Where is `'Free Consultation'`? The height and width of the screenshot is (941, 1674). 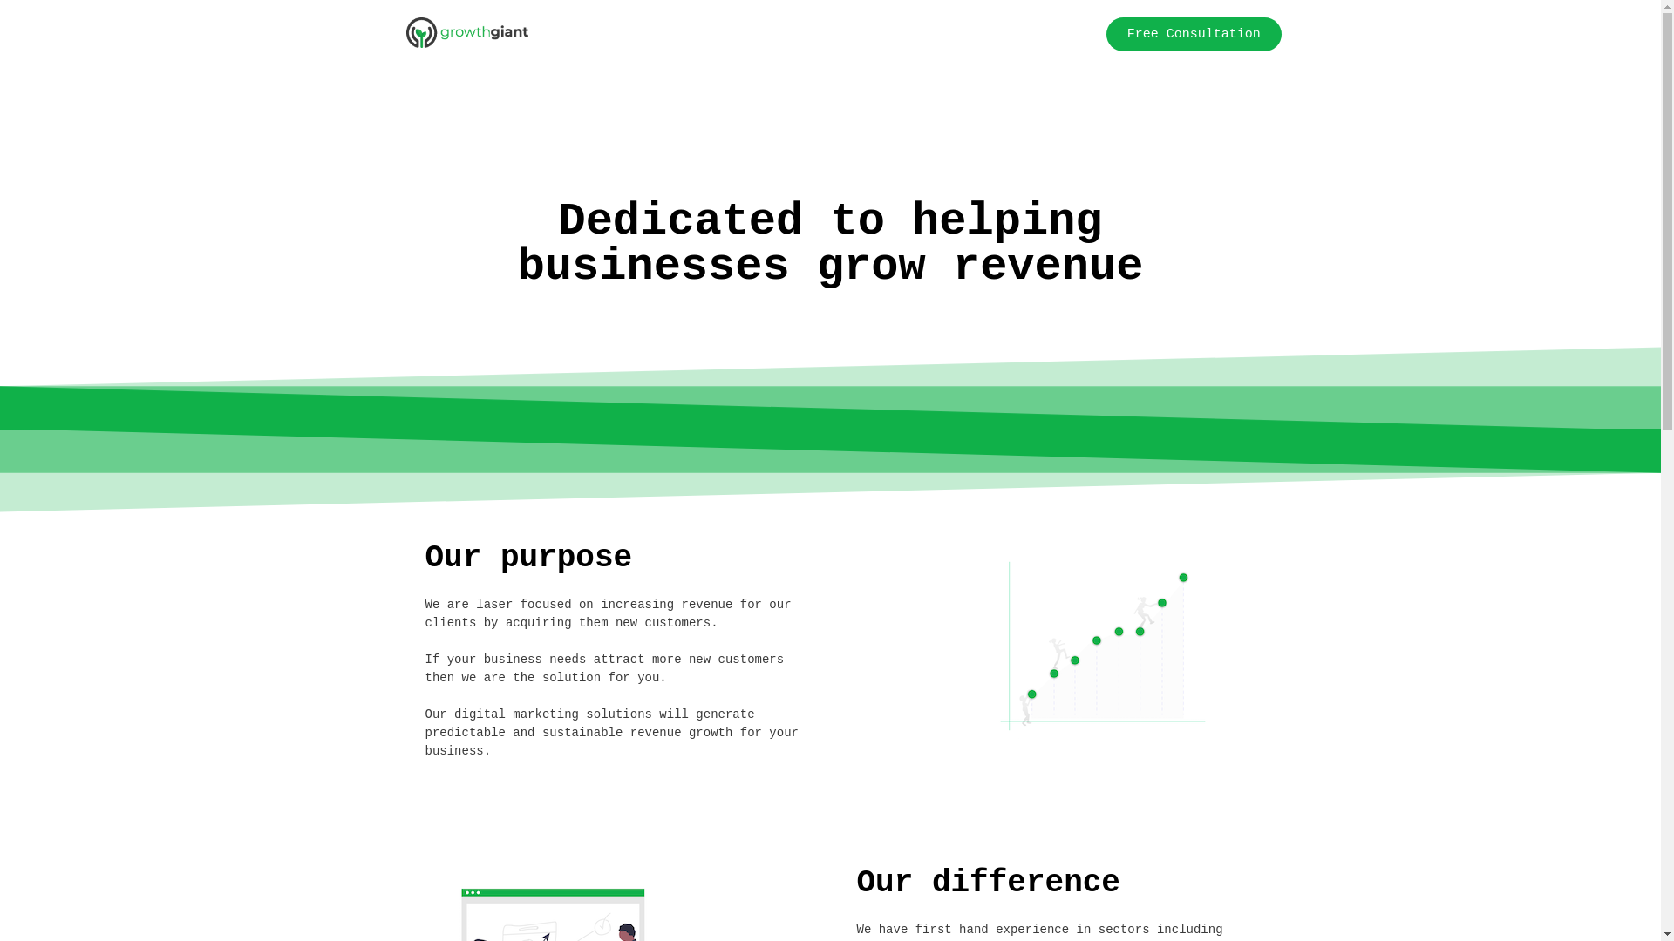
'Free Consultation' is located at coordinates (1193, 34).